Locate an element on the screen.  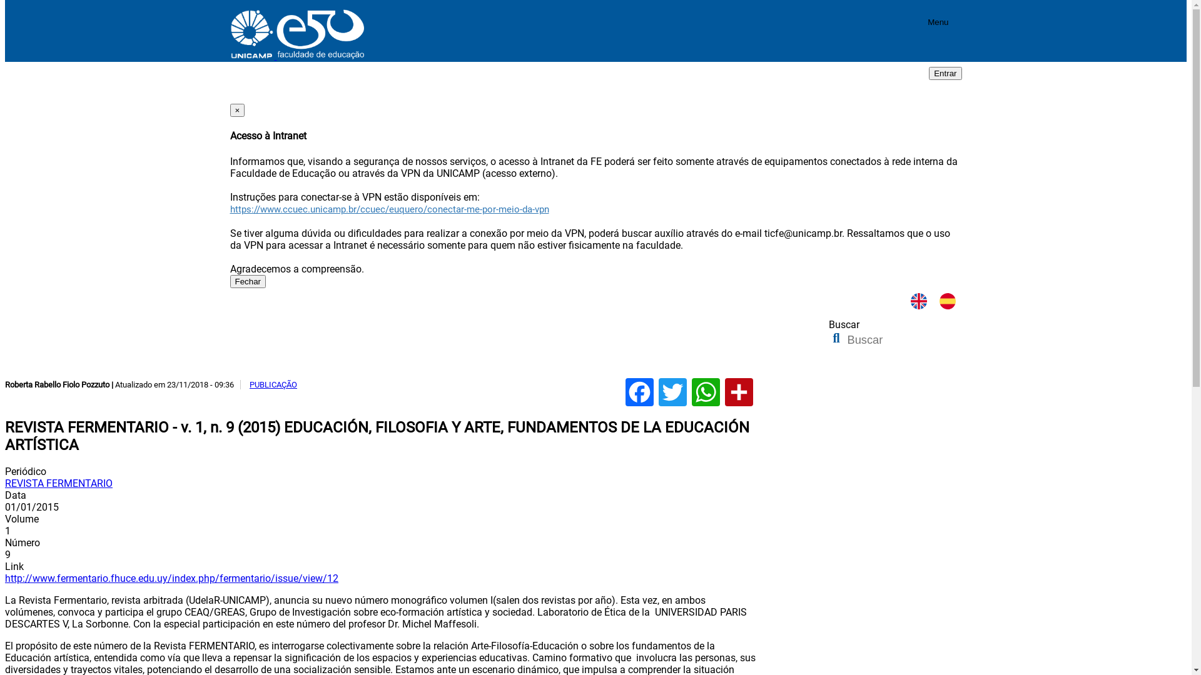
'FE Publica' is located at coordinates (502, 366).